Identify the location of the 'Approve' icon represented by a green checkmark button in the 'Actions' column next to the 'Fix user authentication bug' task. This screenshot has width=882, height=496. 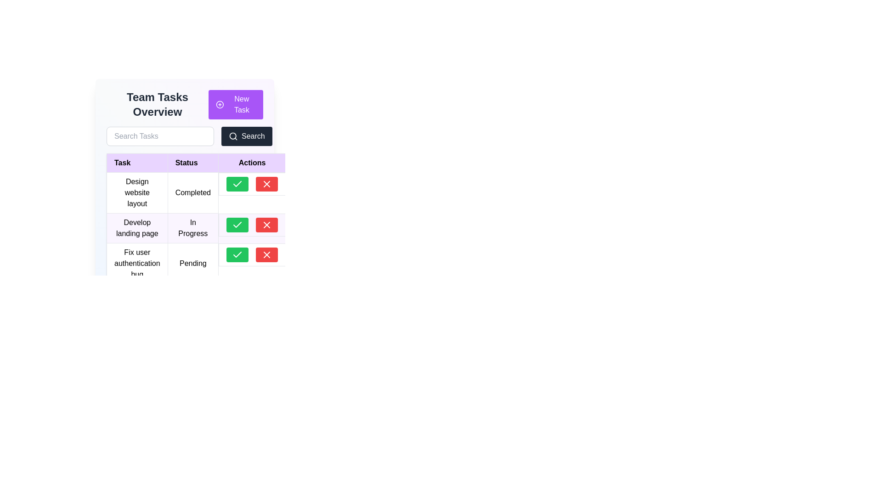
(237, 254).